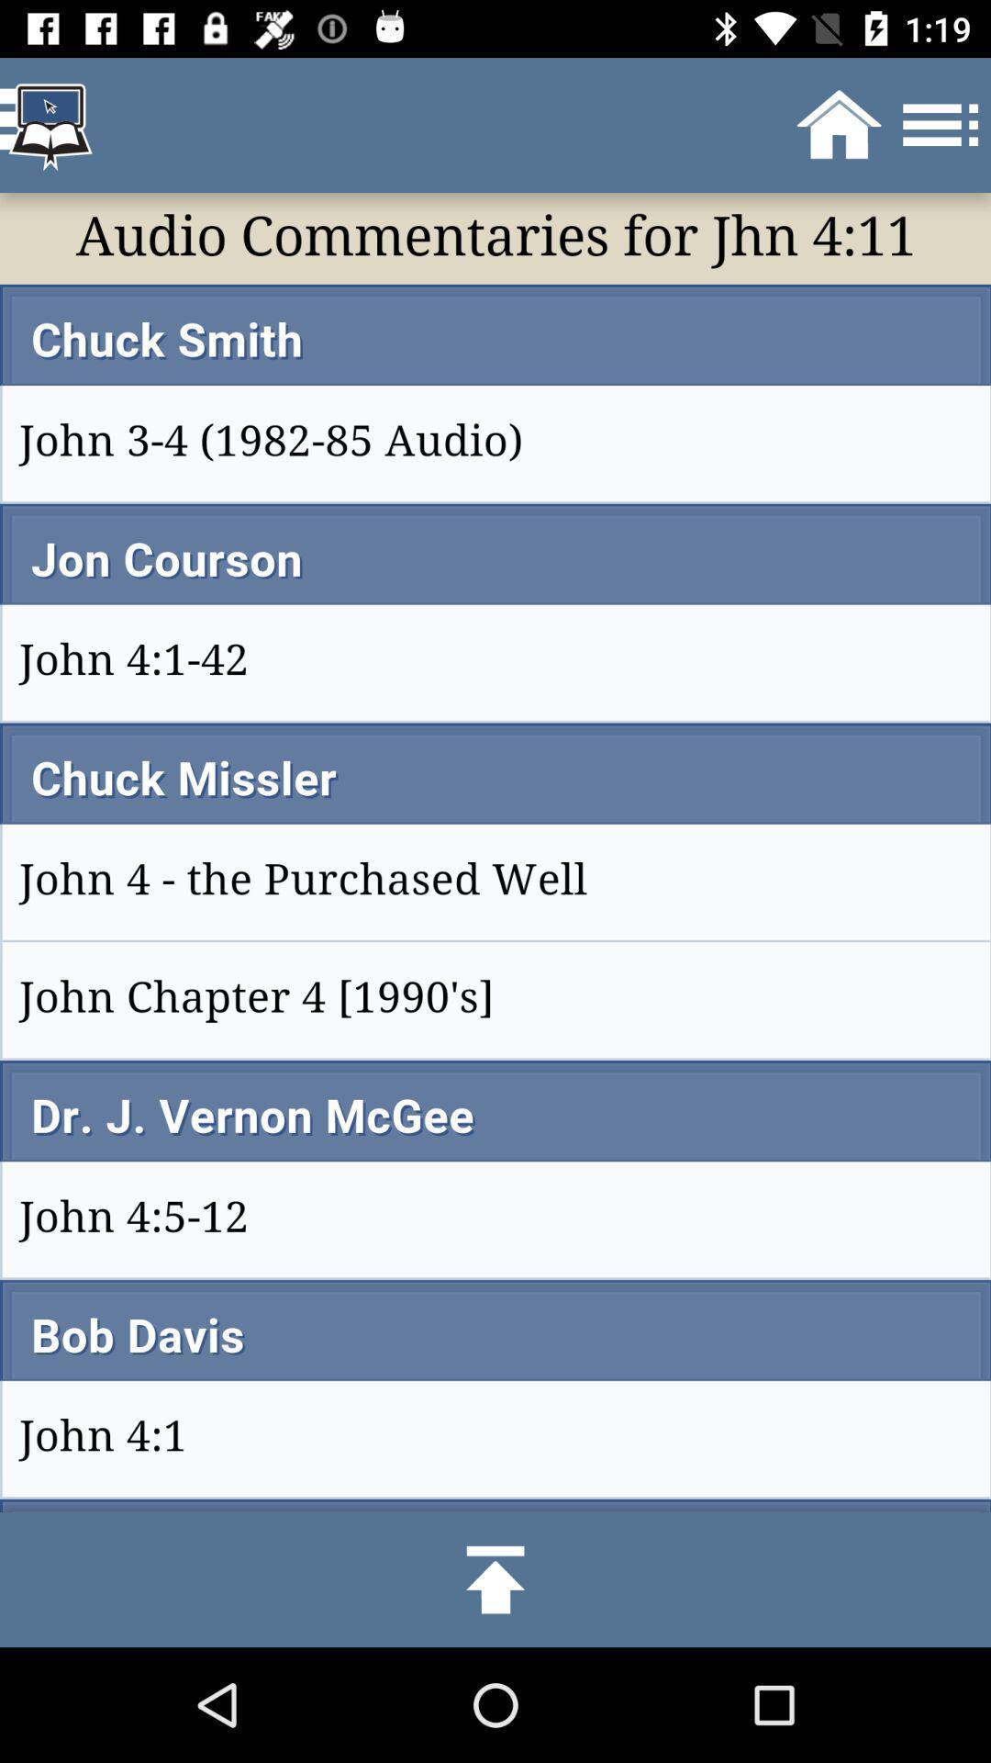 The width and height of the screenshot is (991, 1763). I want to click on the arrow_upward icon, so click(495, 1578).